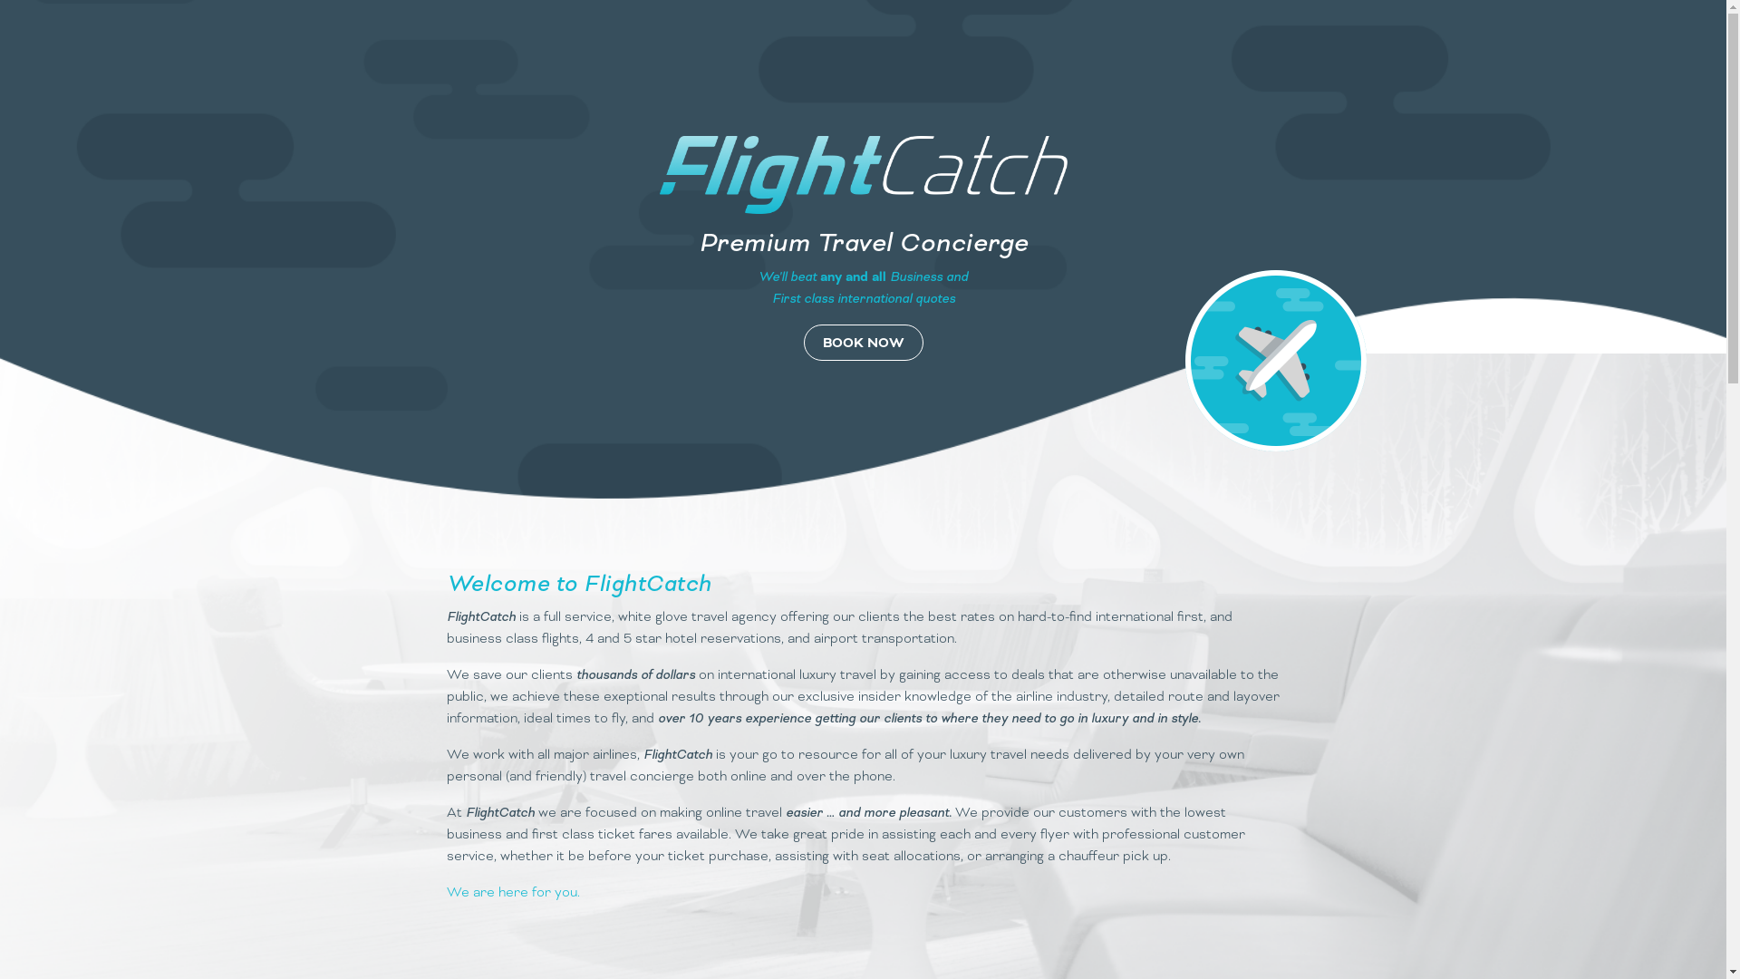 This screenshot has width=1740, height=979. I want to click on 'BOOK NOW', so click(861, 343).